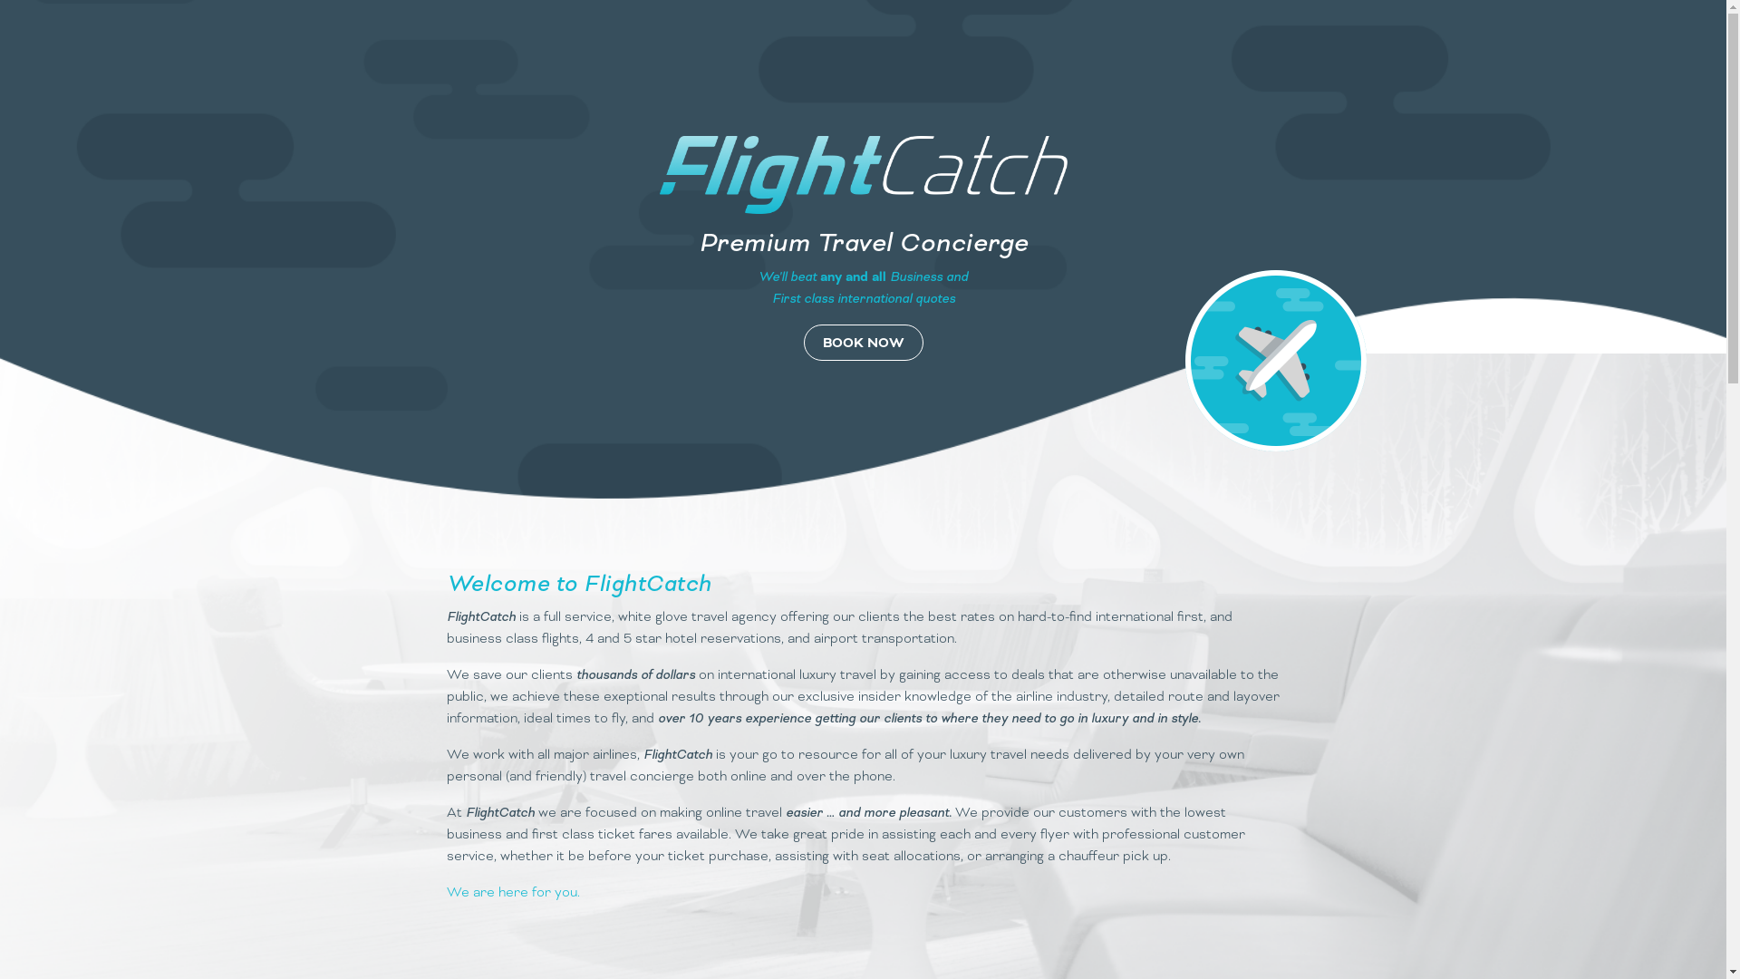 This screenshot has width=1740, height=979. I want to click on 'BOOK NOW', so click(861, 343).